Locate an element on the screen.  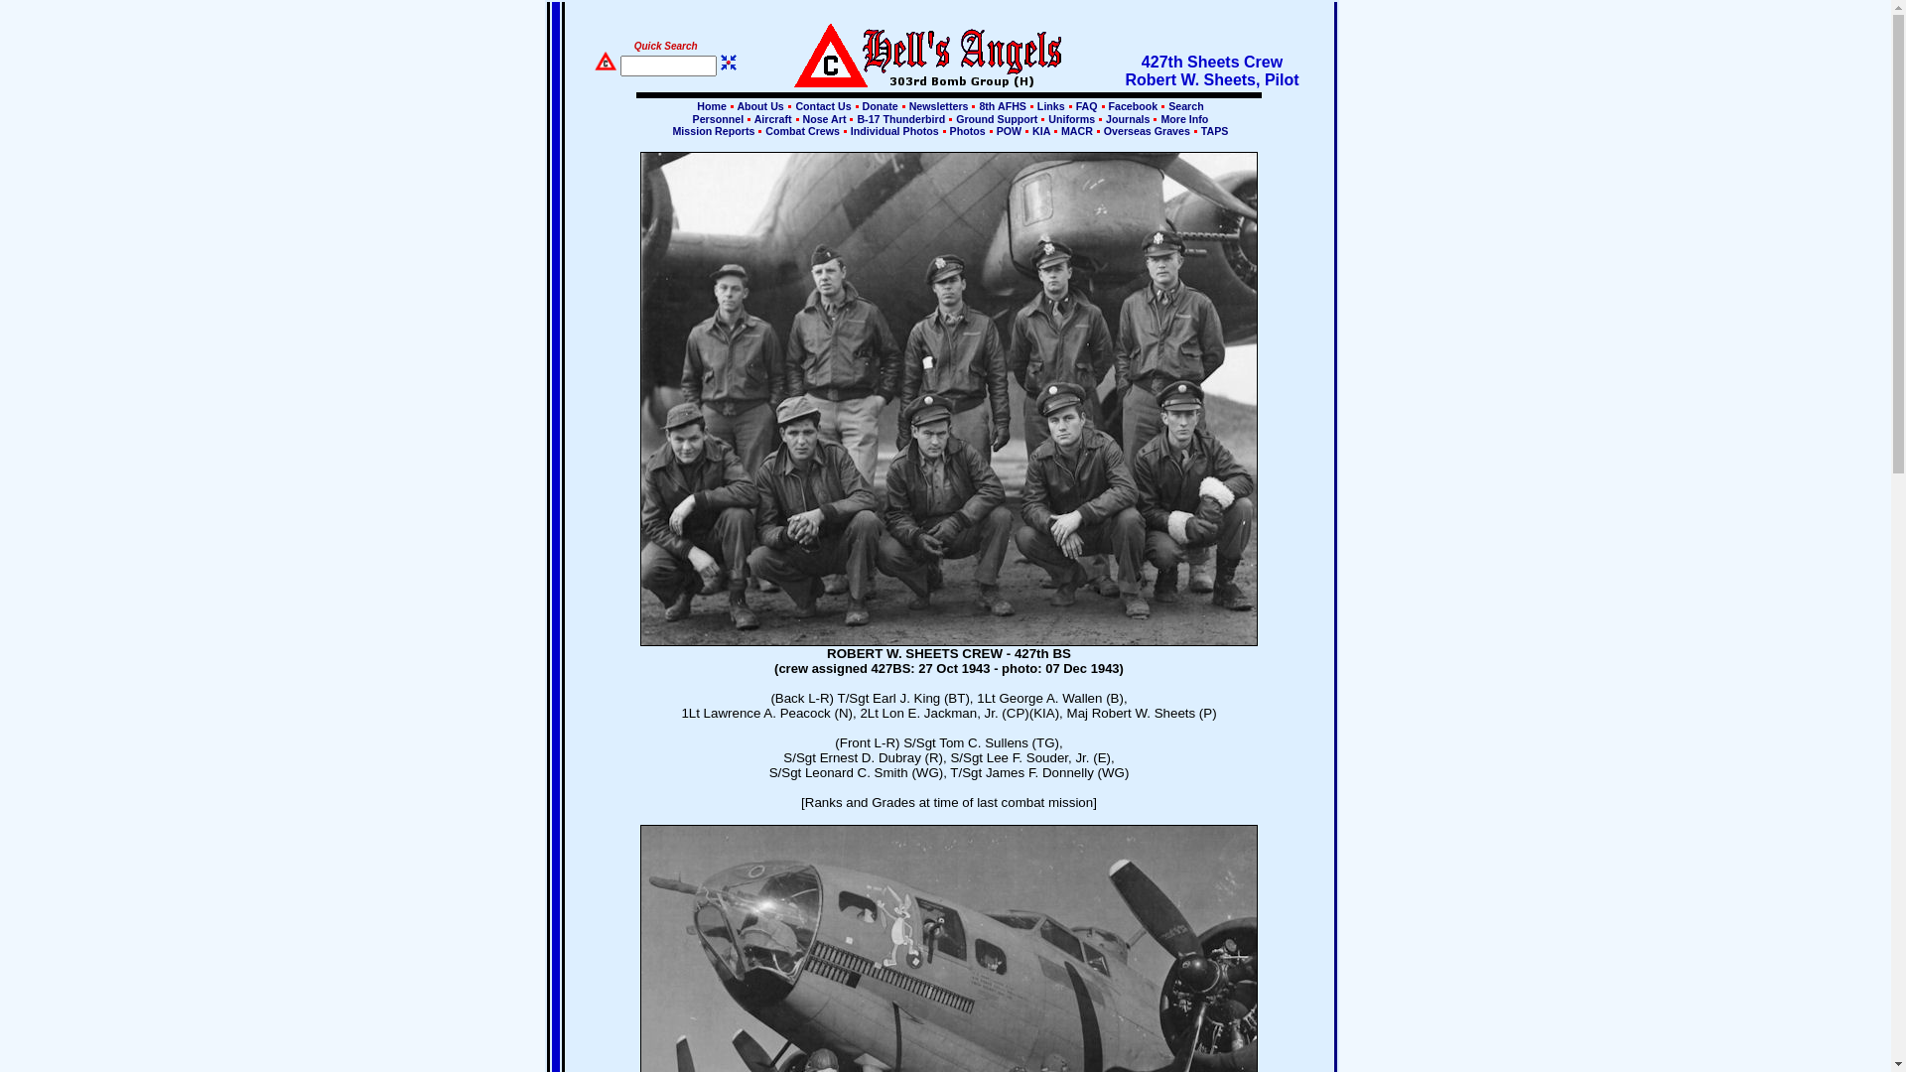
'Uniforms' is located at coordinates (1070, 118).